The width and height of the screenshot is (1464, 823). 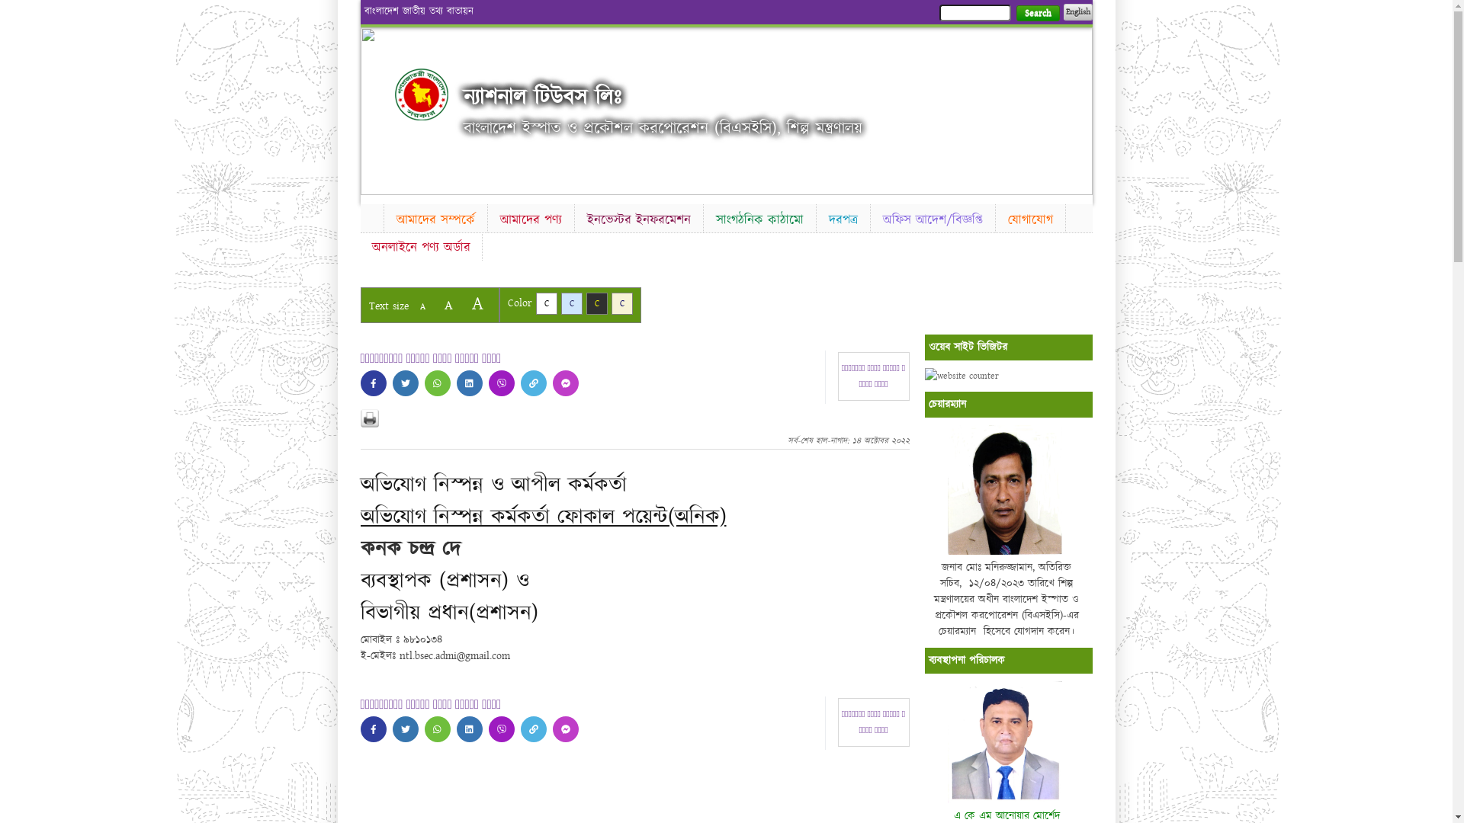 I want to click on 'A', so click(x=476, y=303).